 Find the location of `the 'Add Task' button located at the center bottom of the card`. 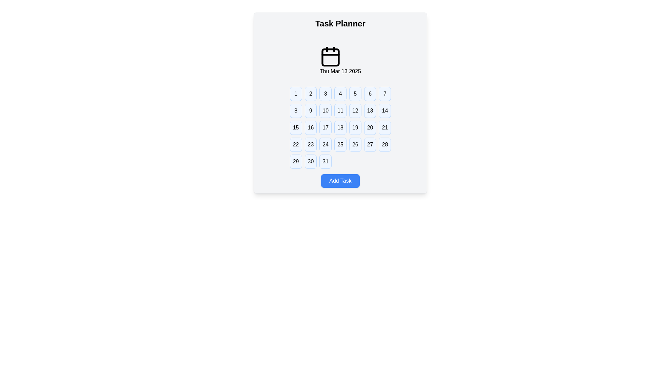

the 'Add Task' button located at the center bottom of the card is located at coordinates (340, 180).